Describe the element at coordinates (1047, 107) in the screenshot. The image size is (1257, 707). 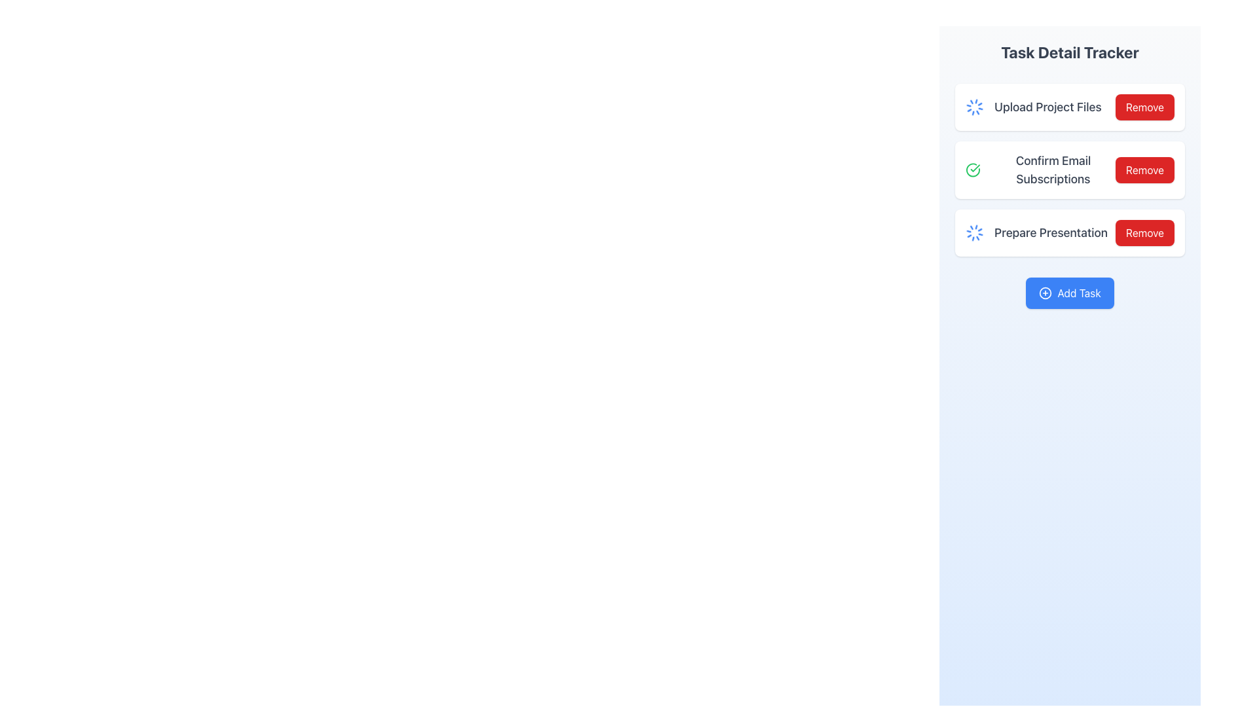
I see `the text element indicating the task related to uploading project files, which is located between a spinning loader icon and a red 'Remove' button` at that location.